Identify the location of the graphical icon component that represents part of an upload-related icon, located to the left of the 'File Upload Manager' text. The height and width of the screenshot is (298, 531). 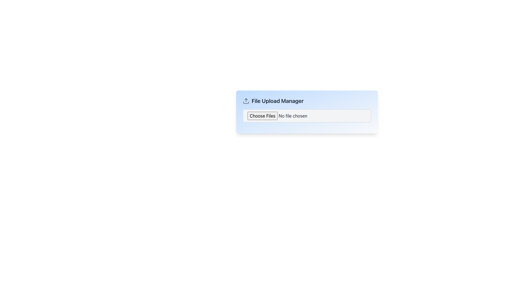
(246, 102).